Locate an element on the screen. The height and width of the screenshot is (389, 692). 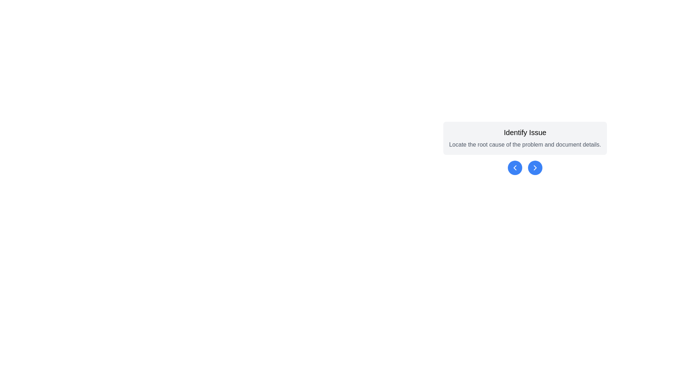
the descriptive text element that reads 'Locate the root cause of the problem and document details.', which is styled in gray and is located below the title 'Identify Issue' is located at coordinates (525, 144).